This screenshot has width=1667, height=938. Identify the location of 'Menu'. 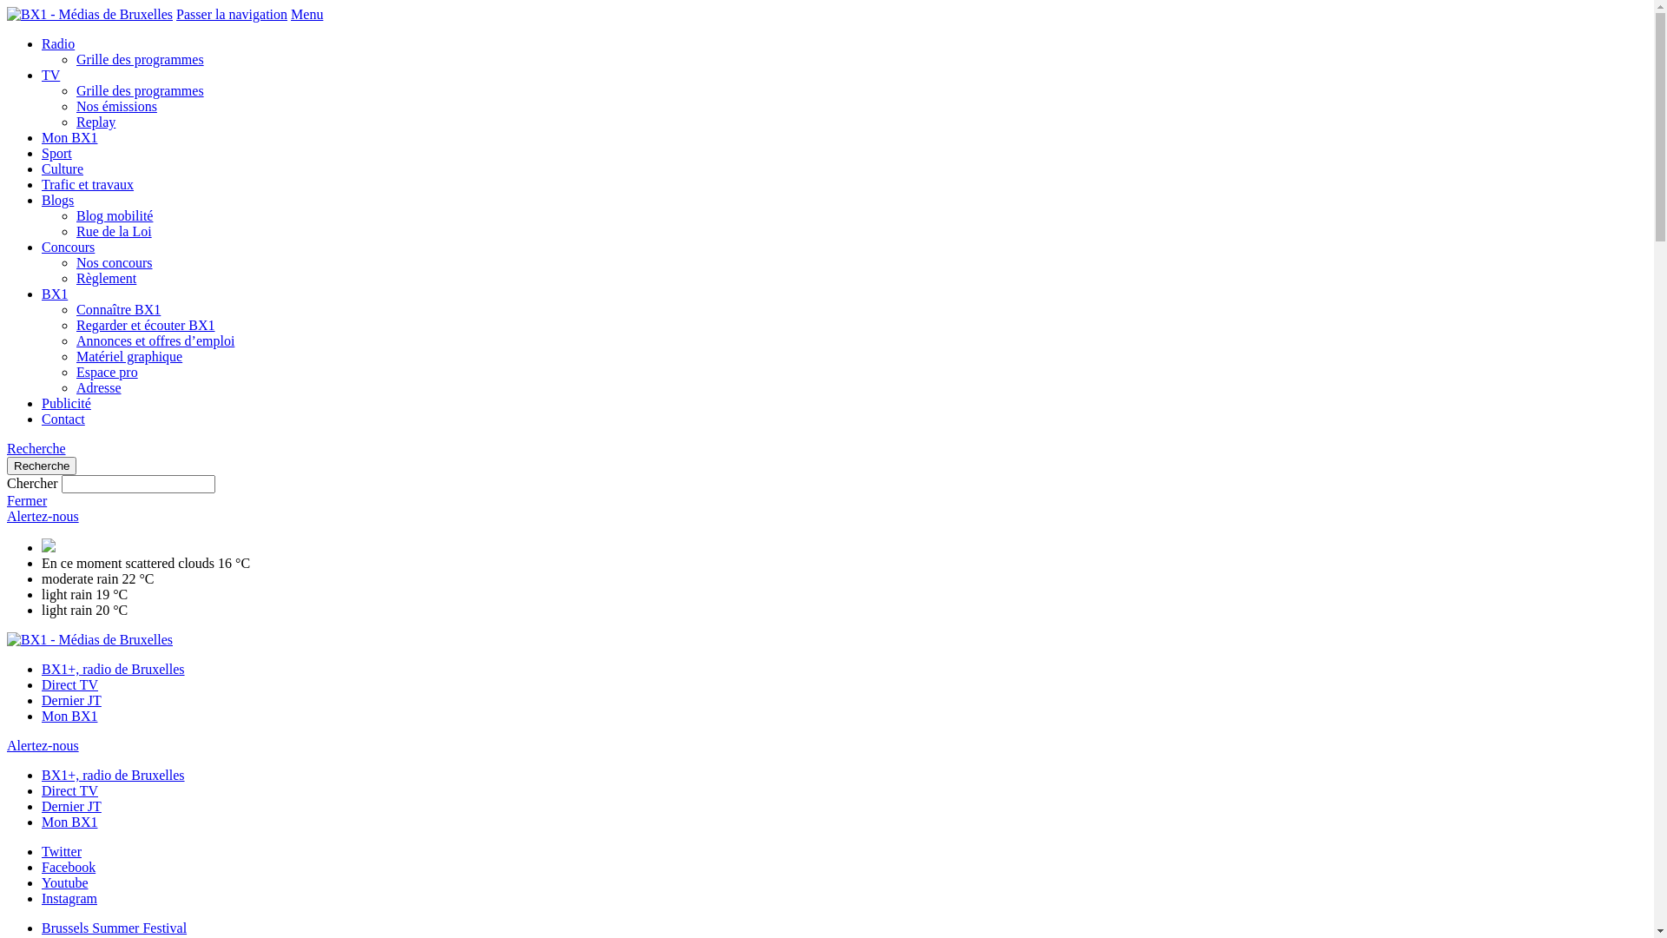
(306, 14).